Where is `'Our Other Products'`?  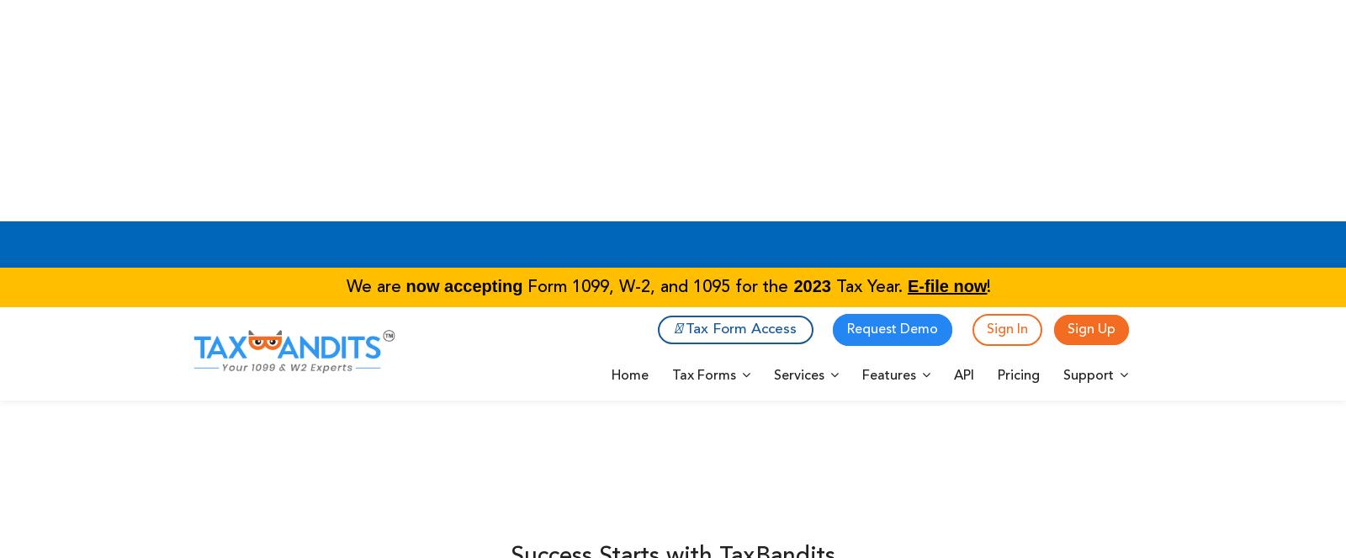
'Our Other Products' is located at coordinates (1012, 499).